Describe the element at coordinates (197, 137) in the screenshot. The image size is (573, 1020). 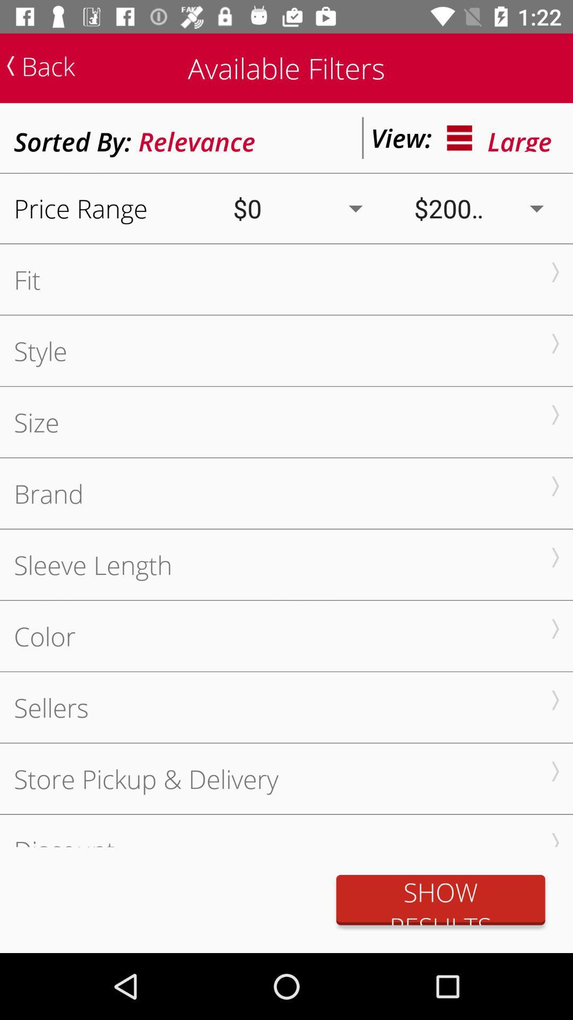
I see `icon next to the sorted by: icon` at that location.